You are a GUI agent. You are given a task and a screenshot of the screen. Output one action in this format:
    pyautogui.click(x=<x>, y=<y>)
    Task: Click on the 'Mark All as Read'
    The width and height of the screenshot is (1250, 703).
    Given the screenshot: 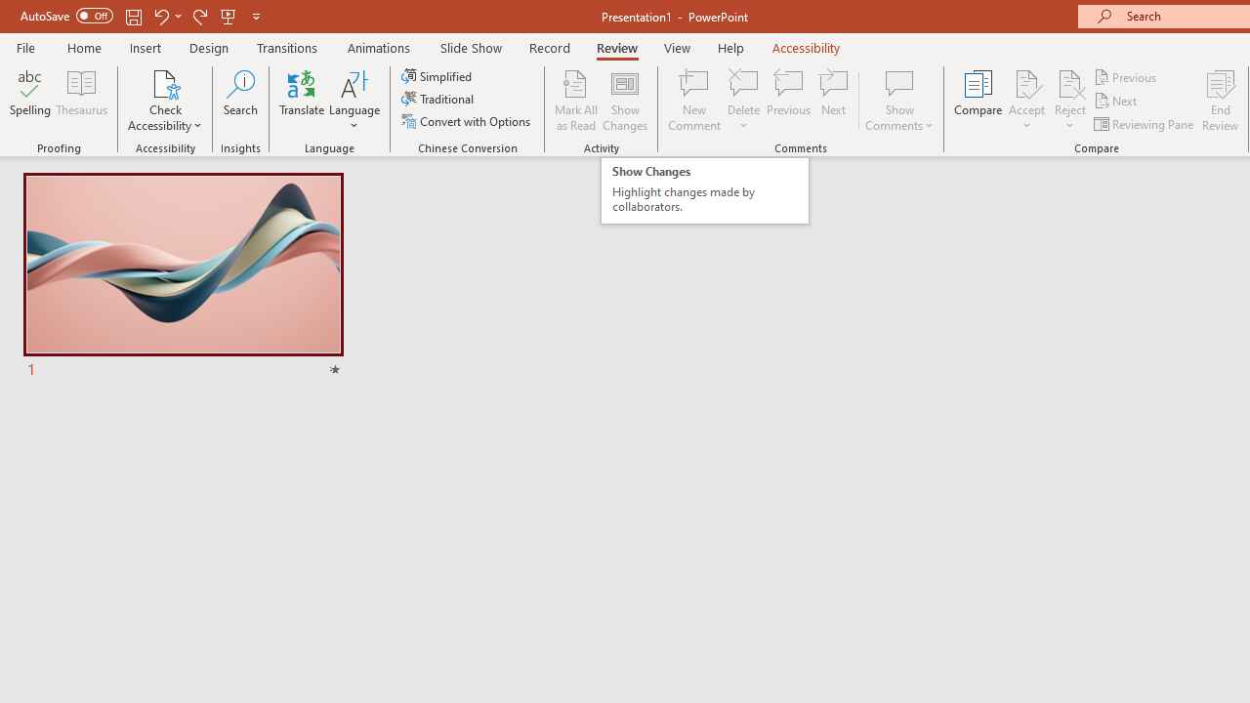 What is the action you would take?
    pyautogui.click(x=575, y=101)
    